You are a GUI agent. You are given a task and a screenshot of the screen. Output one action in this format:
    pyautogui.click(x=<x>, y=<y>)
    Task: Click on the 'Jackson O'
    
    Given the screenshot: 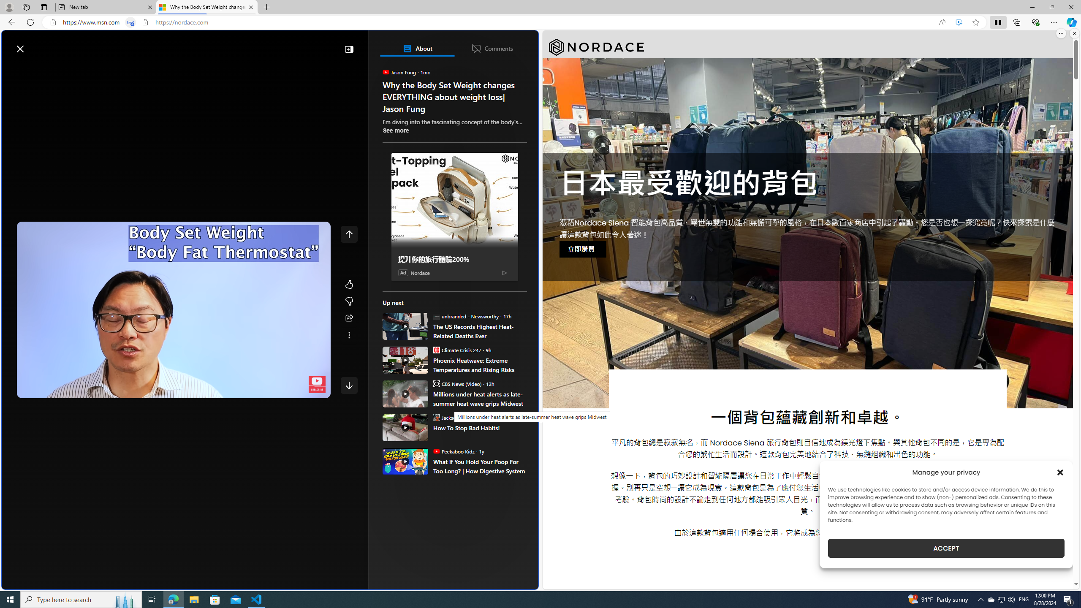 What is the action you would take?
    pyautogui.click(x=435, y=417)
    